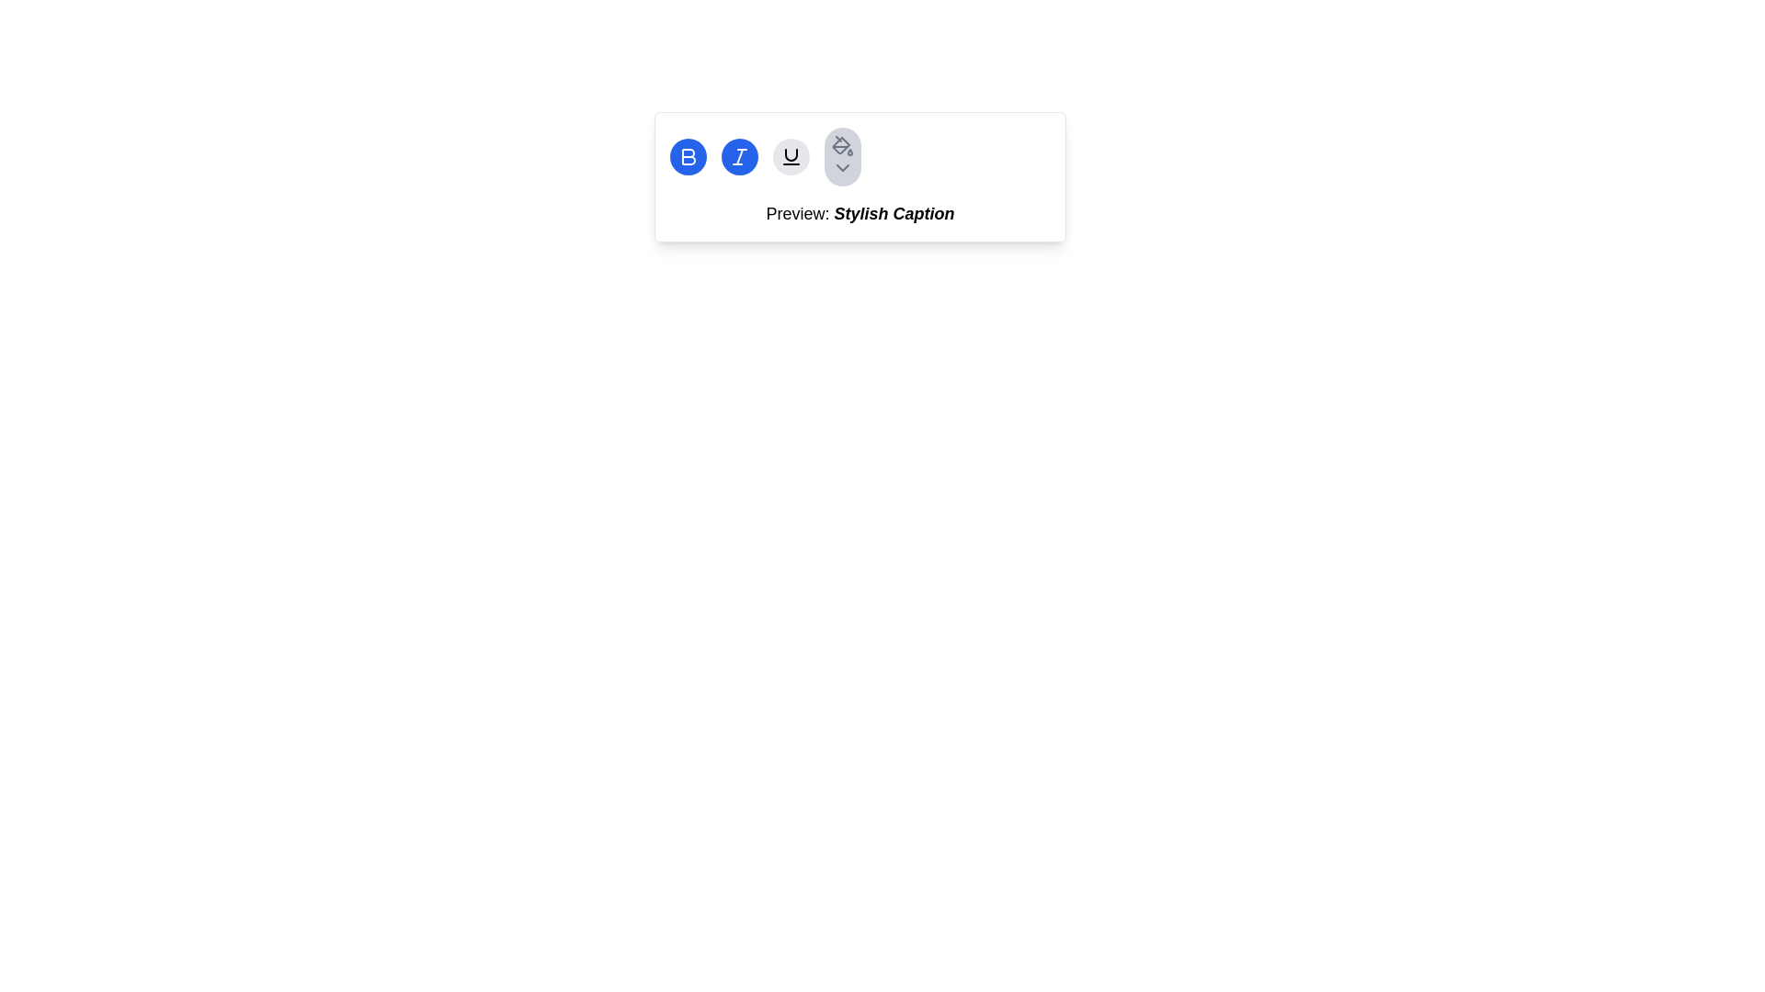 This screenshot has height=992, width=1765. What do you see at coordinates (687, 155) in the screenshot?
I see `the leftmost circular button in the formatting row` at bounding box center [687, 155].